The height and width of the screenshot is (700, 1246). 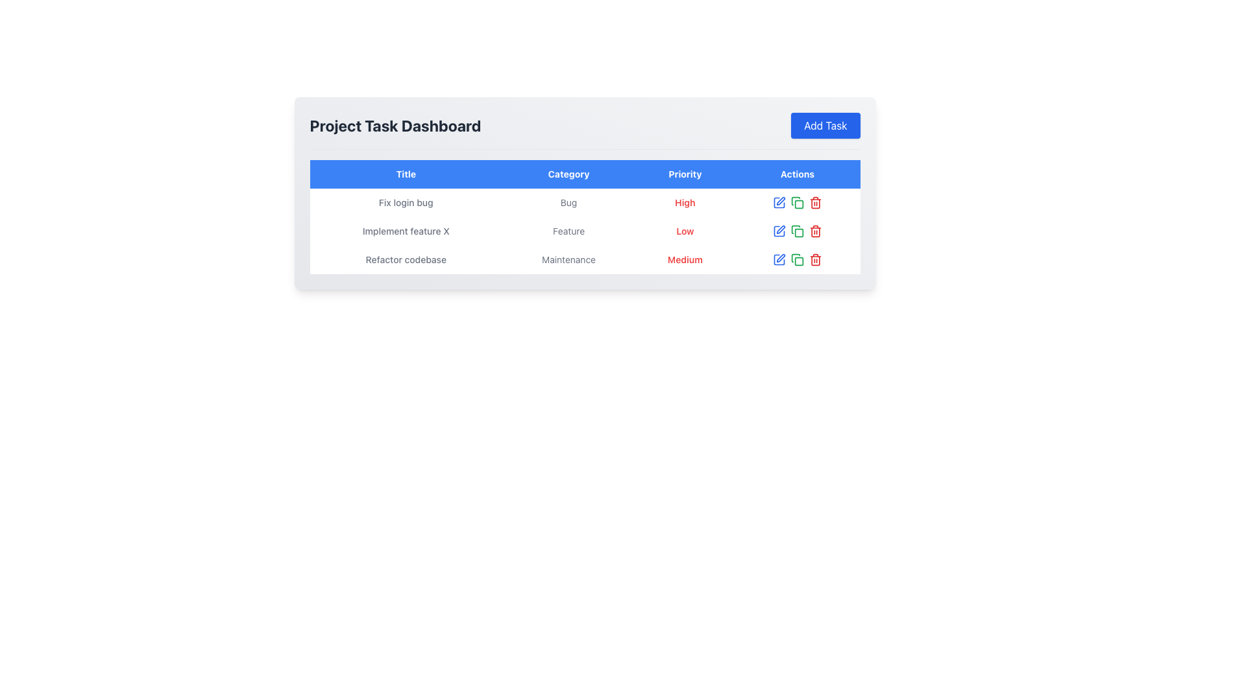 What do you see at coordinates (684, 202) in the screenshot?
I see `the static text element displaying 'High' in bold red font, located in the 'Priority' column of the first row in the table` at bounding box center [684, 202].